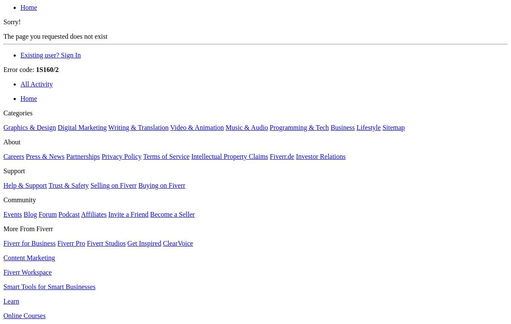  Describe the element at coordinates (37, 83) in the screenshot. I see `'All Activity'` at that location.